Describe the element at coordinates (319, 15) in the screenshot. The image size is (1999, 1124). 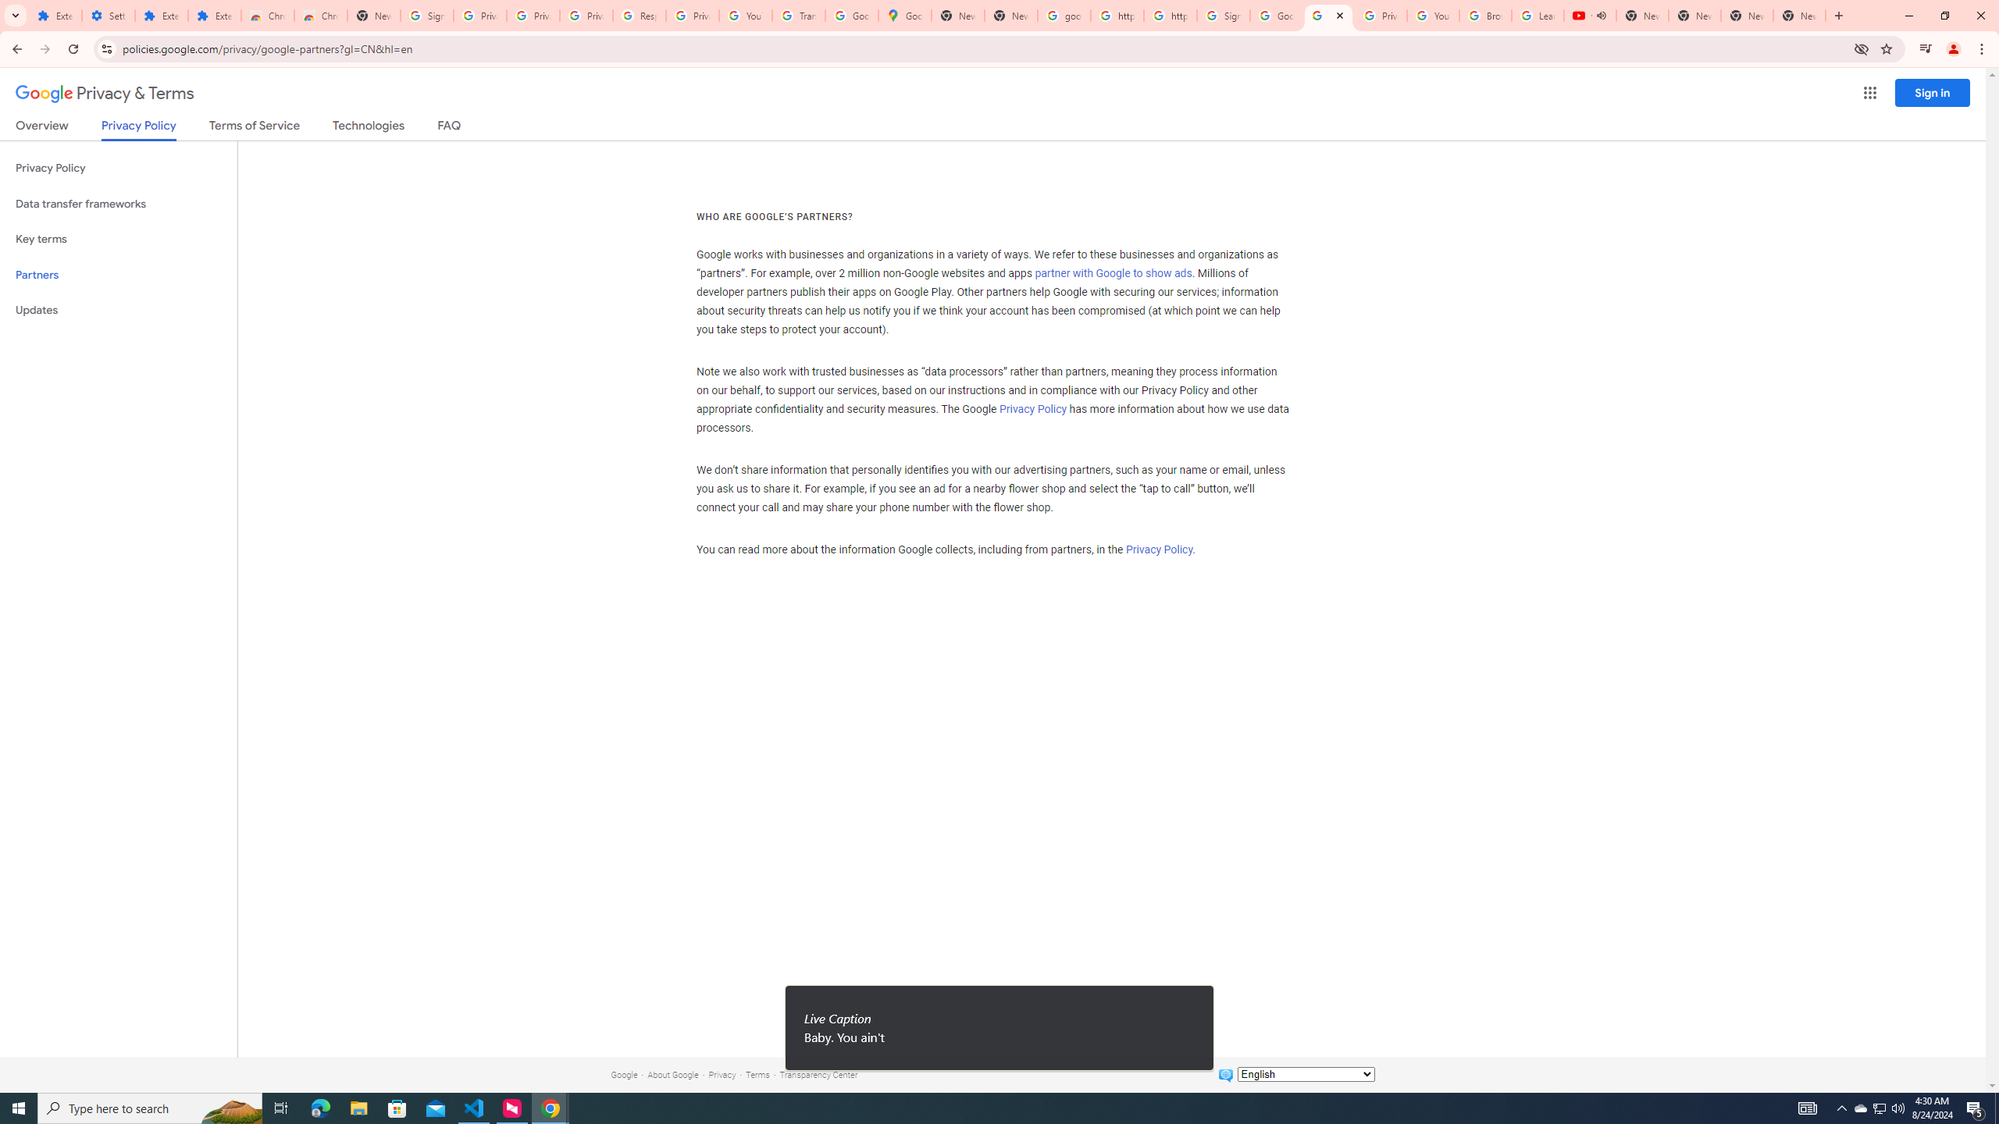
I see `'Chrome Web Store - Themes'` at that location.